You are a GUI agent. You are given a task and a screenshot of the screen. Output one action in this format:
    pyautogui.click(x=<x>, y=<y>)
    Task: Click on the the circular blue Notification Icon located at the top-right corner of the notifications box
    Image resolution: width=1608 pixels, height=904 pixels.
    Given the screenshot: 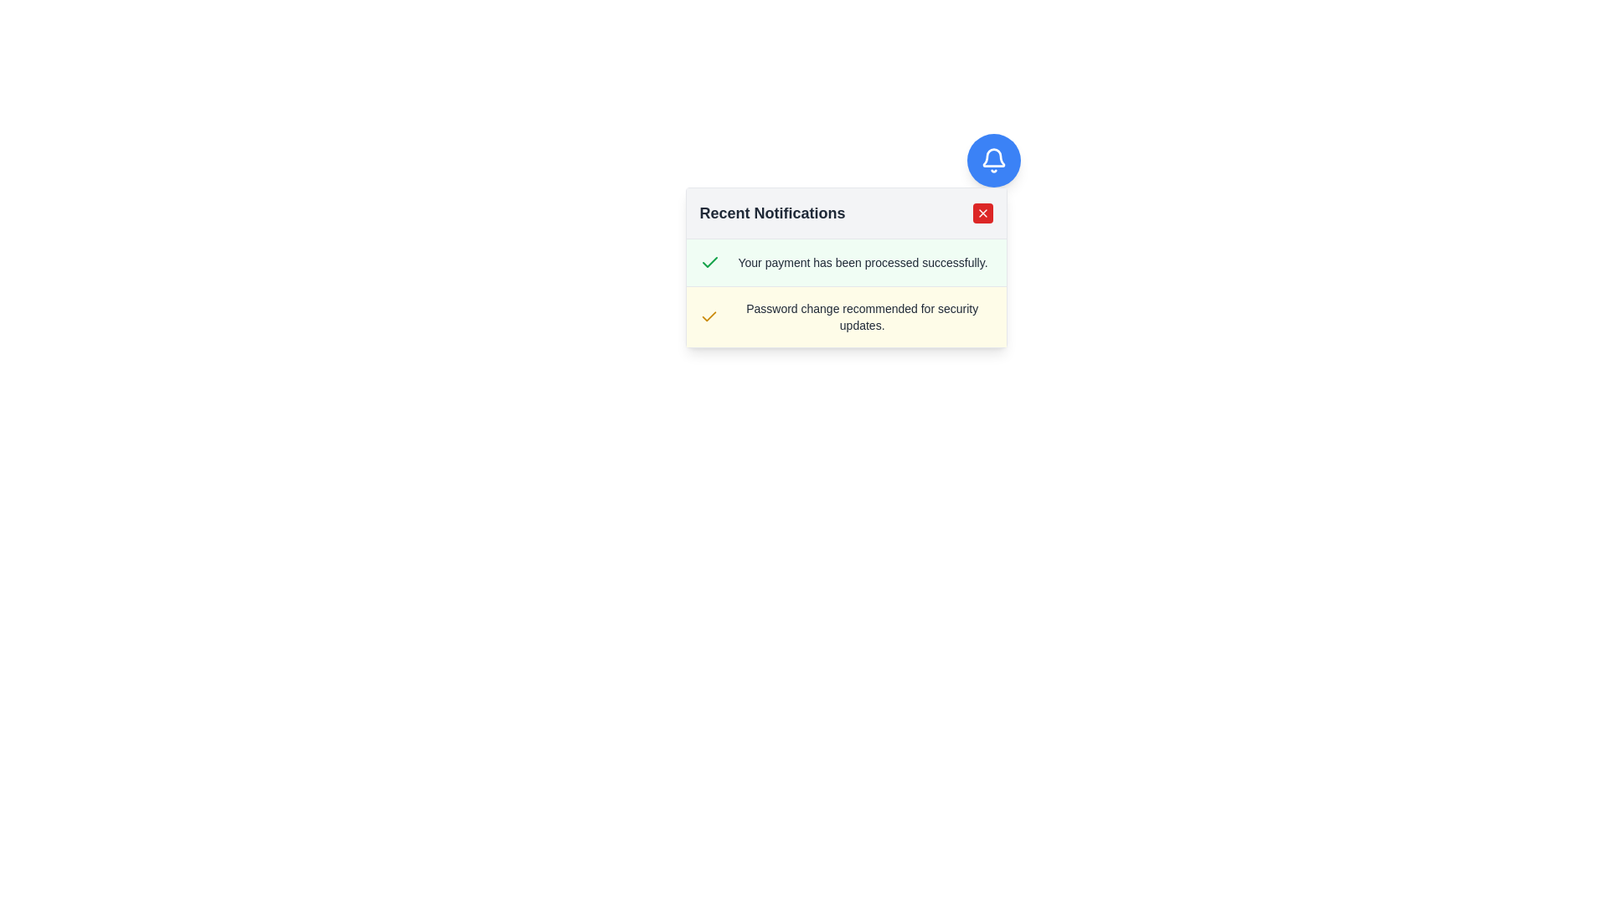 What is the action you would take?
    pyautogui.click(x=993, y=161)
    